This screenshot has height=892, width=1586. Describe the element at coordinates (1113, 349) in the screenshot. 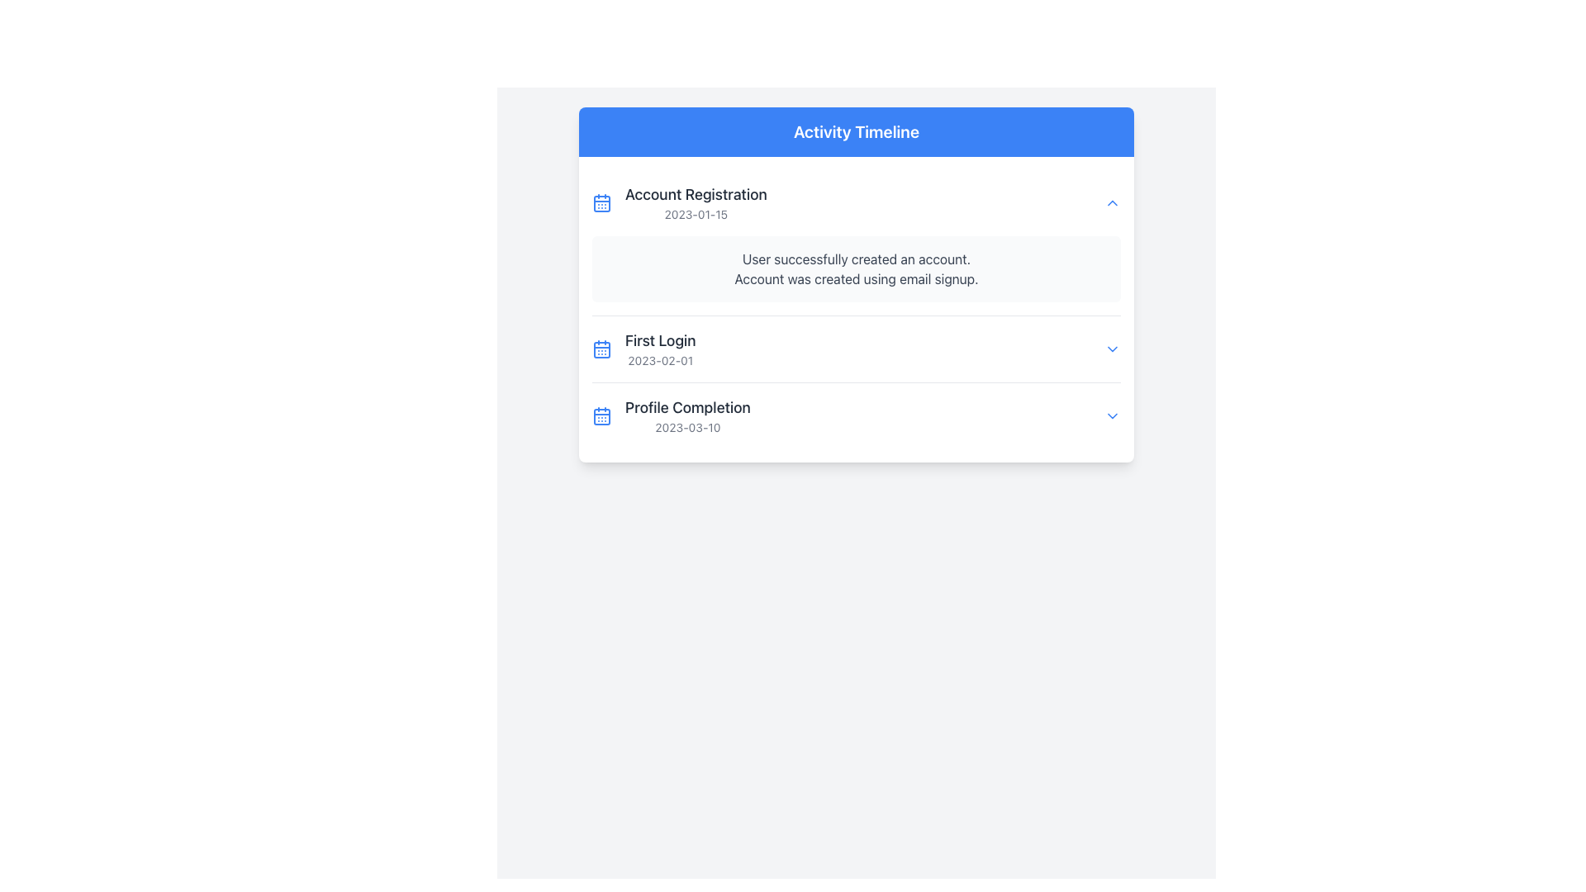

I see `the downward-facing chevron icon styled with blue color, located within the button to the far right of the 'First Login' entry` at that location.